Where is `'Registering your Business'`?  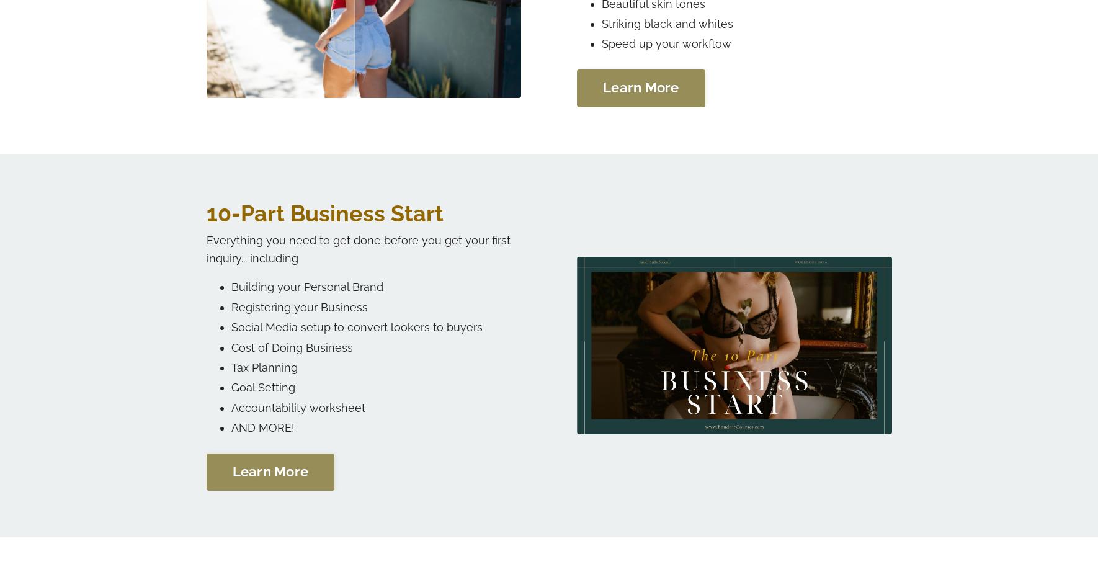 'Registering your Business' is located at coordinates (298, 306).